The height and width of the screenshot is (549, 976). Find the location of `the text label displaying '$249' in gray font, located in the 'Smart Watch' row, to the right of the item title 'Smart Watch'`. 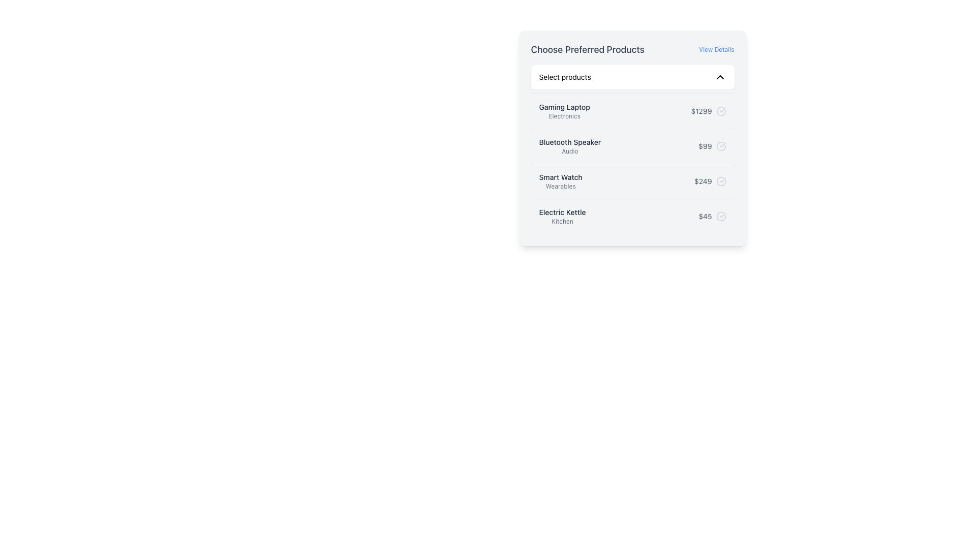

the text label displaying '$249' in gray font, located in the 'Smart Watch' row, to the right of the item title 'Smart Watch' is located at coordinates (703, 181).